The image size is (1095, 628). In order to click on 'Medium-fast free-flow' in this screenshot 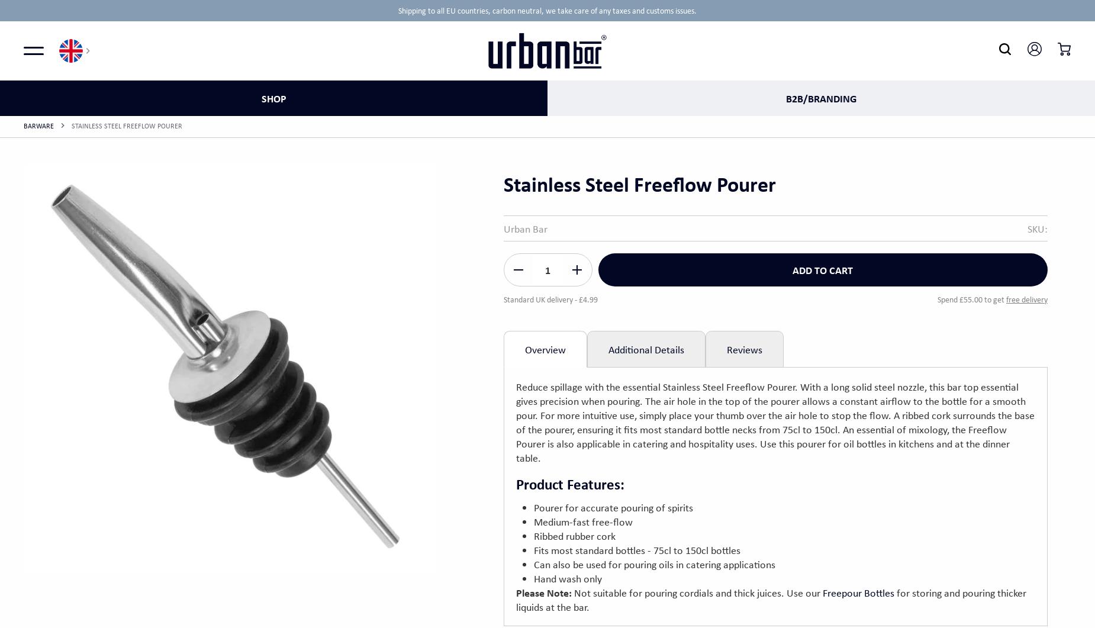, I will do `click(582, 521)`.